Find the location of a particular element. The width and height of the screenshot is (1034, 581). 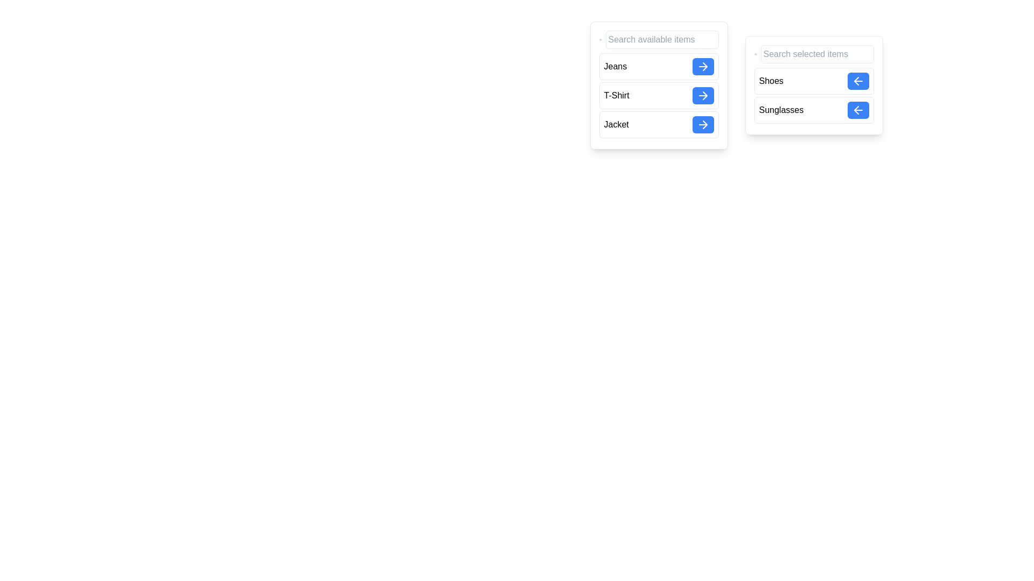

the rightwards arrow vector graphic next to the 'T-Shirt' label is located at coordinates (705, 95).